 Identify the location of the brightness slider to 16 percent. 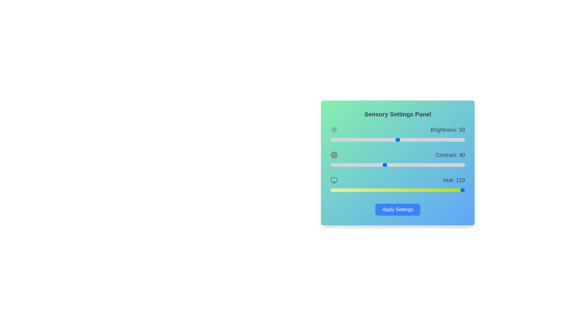
(352, 140).